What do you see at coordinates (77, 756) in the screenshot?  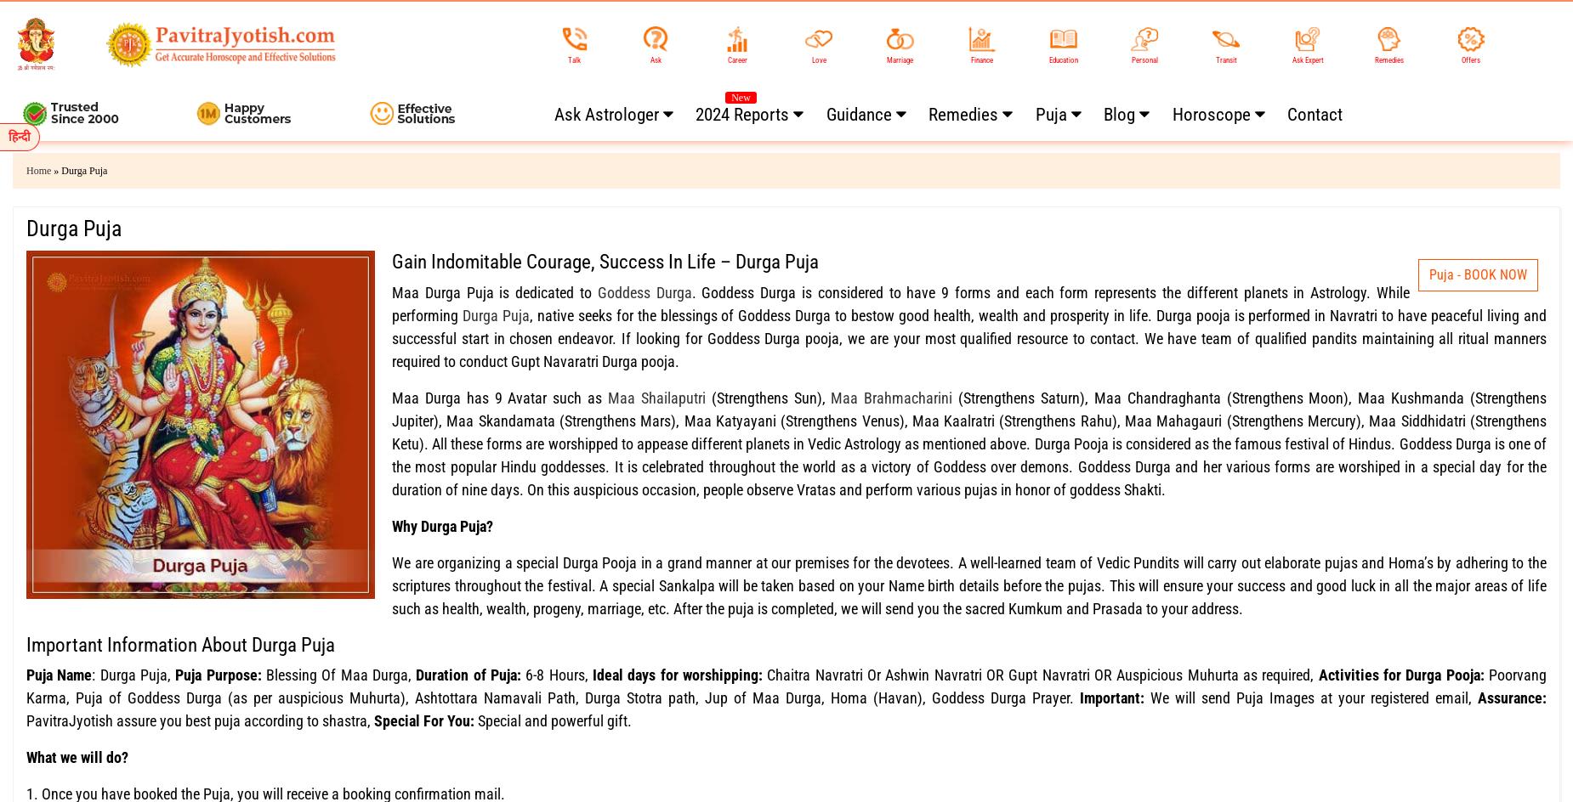 I see `'What we will do?'` at bounding box center [77, 756].